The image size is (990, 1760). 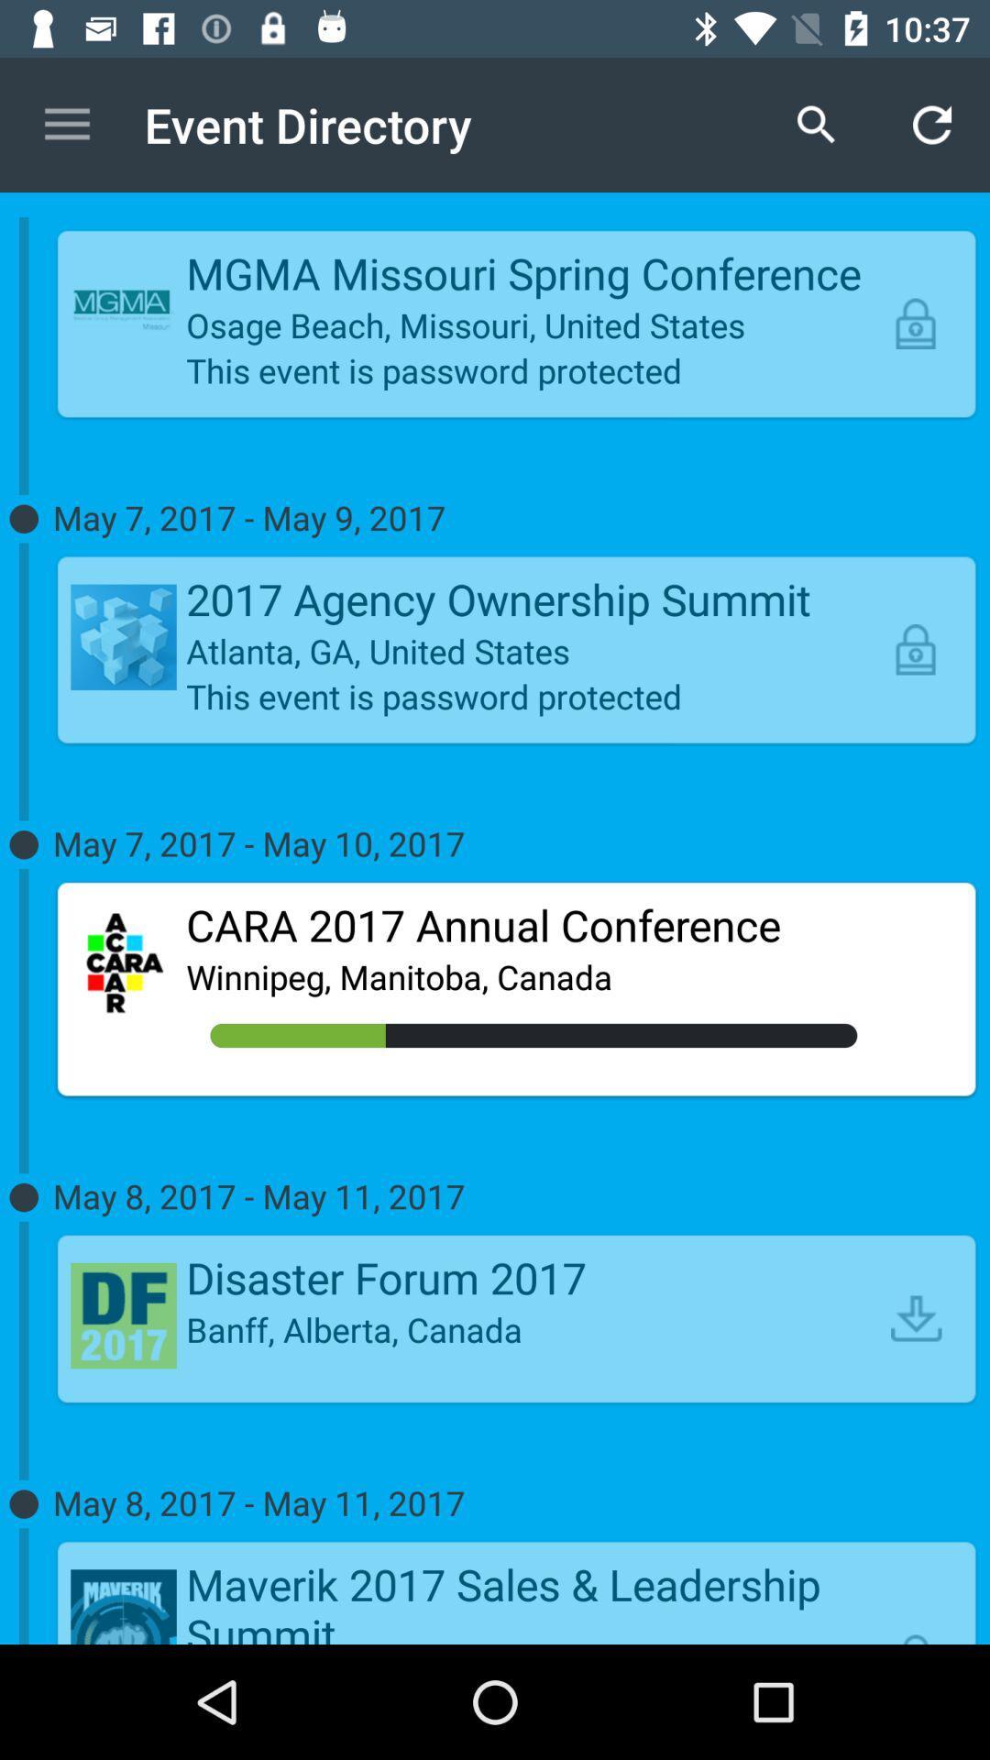 What do you see at coordinates (533, 975) in the screenshot?
I see `the item below the cara 2017 annual icon` at bounding box center [533, 975].